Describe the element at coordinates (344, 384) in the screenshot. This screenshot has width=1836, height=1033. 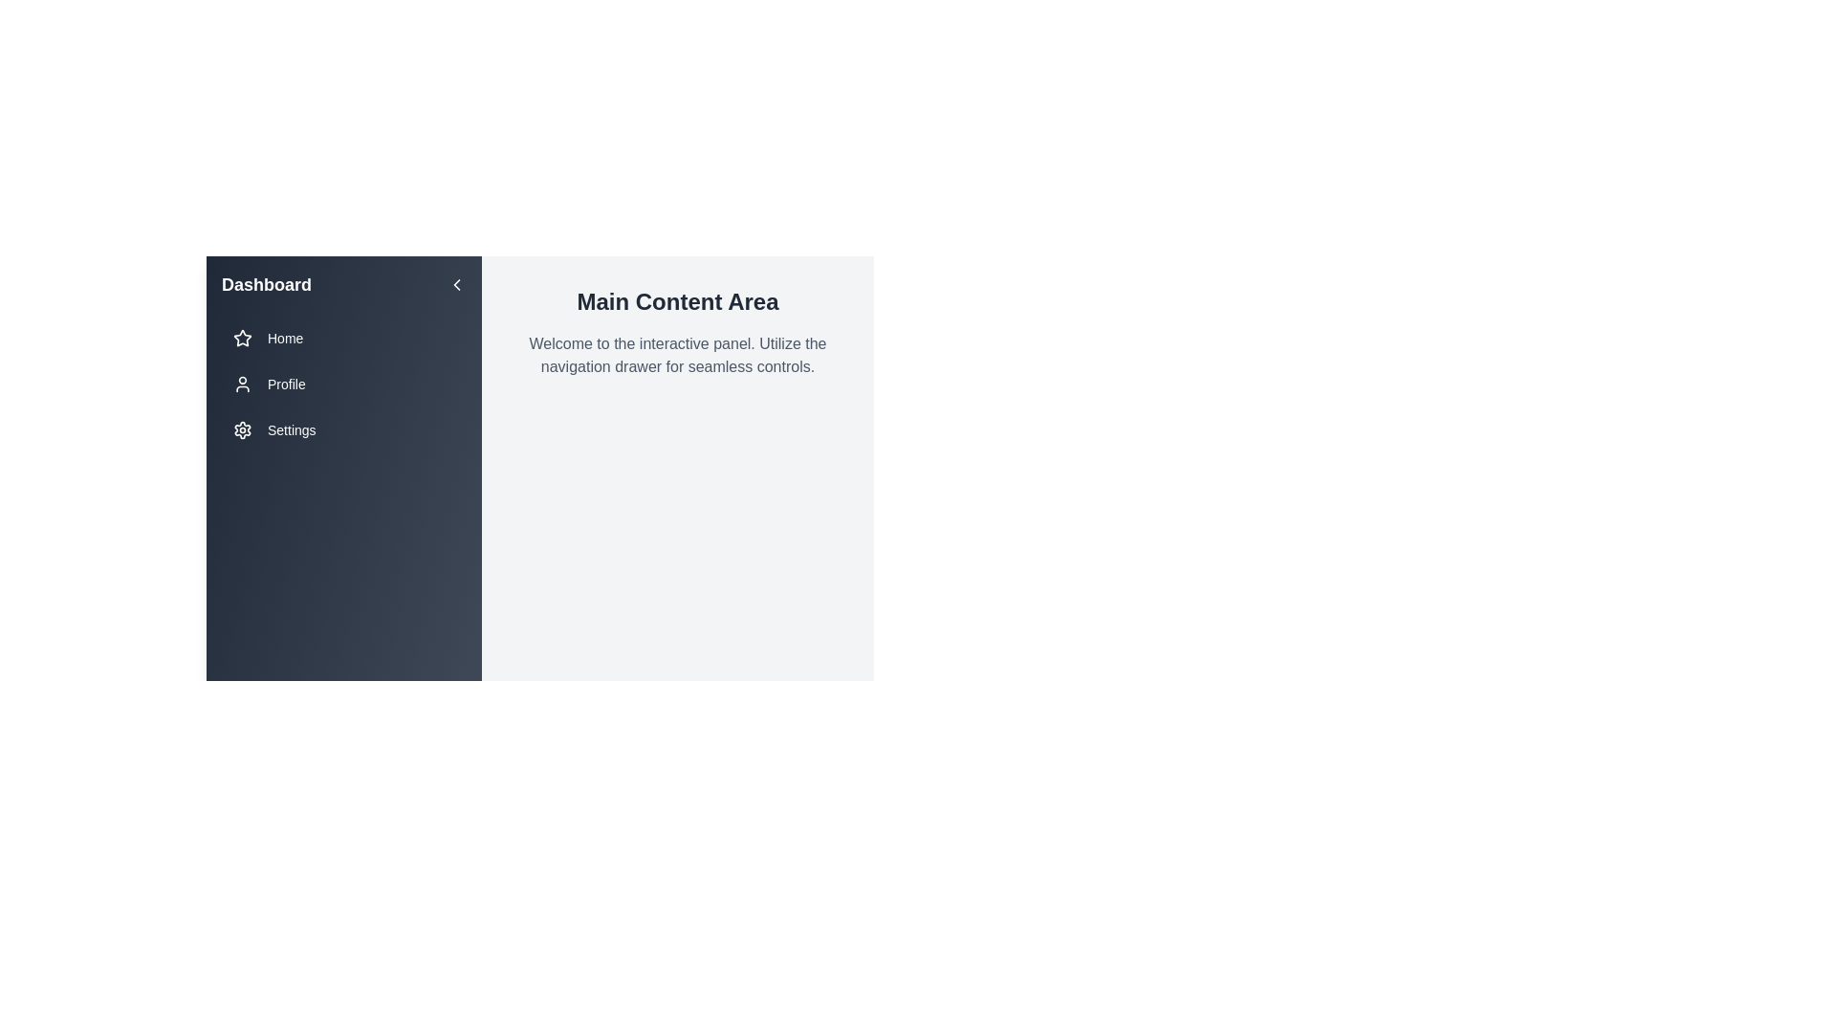
I see `the second item in the vertical navigation list located in the left-side navigation bar` at that location.